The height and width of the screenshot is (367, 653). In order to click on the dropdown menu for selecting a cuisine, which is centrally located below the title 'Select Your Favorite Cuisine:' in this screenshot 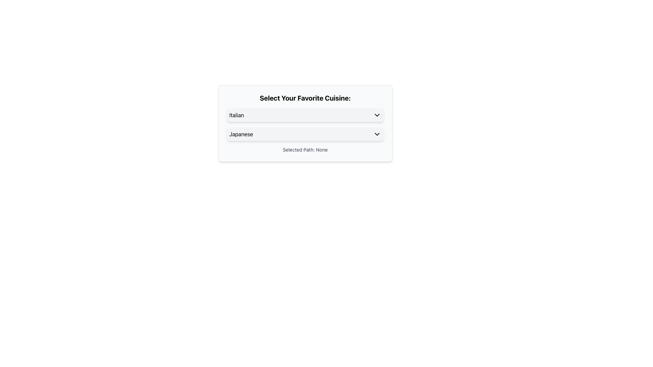, I will do `click(305, 124)`.